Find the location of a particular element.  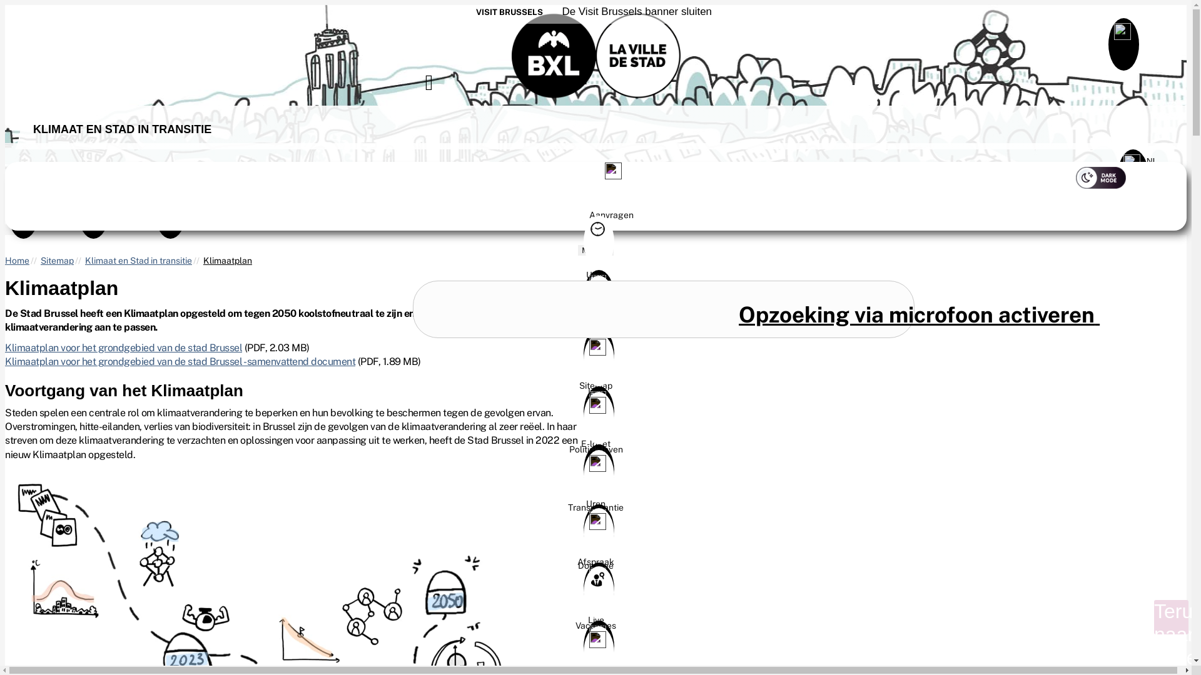

'Live' is located at coordinates (595, 599).